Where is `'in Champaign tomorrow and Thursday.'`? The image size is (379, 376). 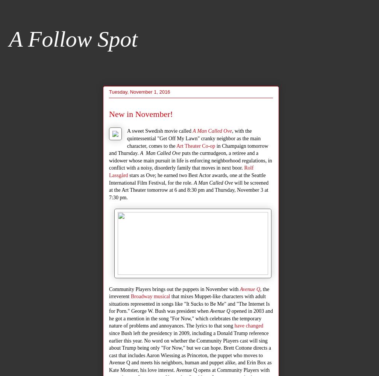 'in Champaign tomorrow and Thursday.' is located at coordinates (188, 149).